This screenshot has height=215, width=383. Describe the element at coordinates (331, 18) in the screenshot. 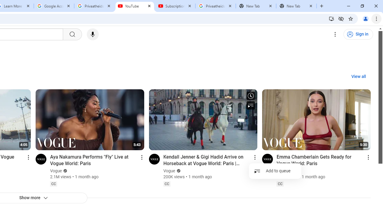

I see `'Install YouTube'` at that location.